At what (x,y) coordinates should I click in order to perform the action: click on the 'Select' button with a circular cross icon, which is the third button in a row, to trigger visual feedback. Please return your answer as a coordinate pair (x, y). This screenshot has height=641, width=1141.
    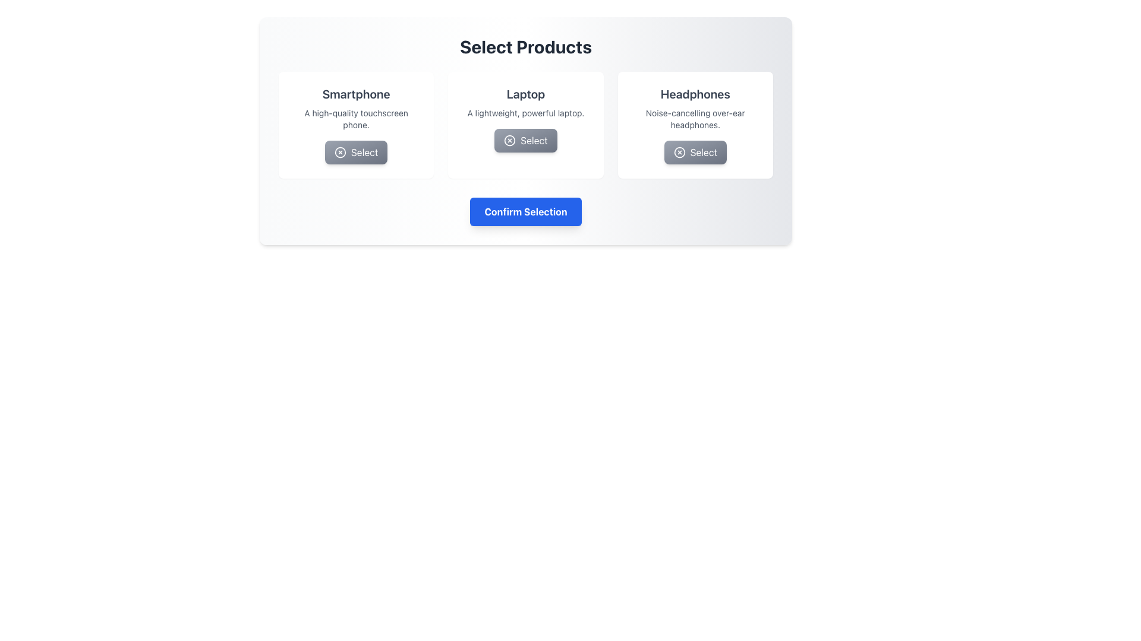
    Looking at the image, I should click on (695, 152).